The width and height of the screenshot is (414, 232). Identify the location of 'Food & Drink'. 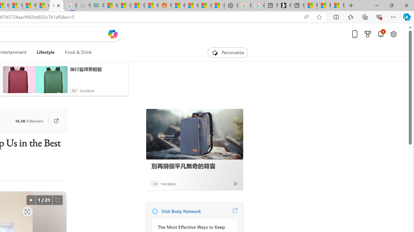
(78, 52).